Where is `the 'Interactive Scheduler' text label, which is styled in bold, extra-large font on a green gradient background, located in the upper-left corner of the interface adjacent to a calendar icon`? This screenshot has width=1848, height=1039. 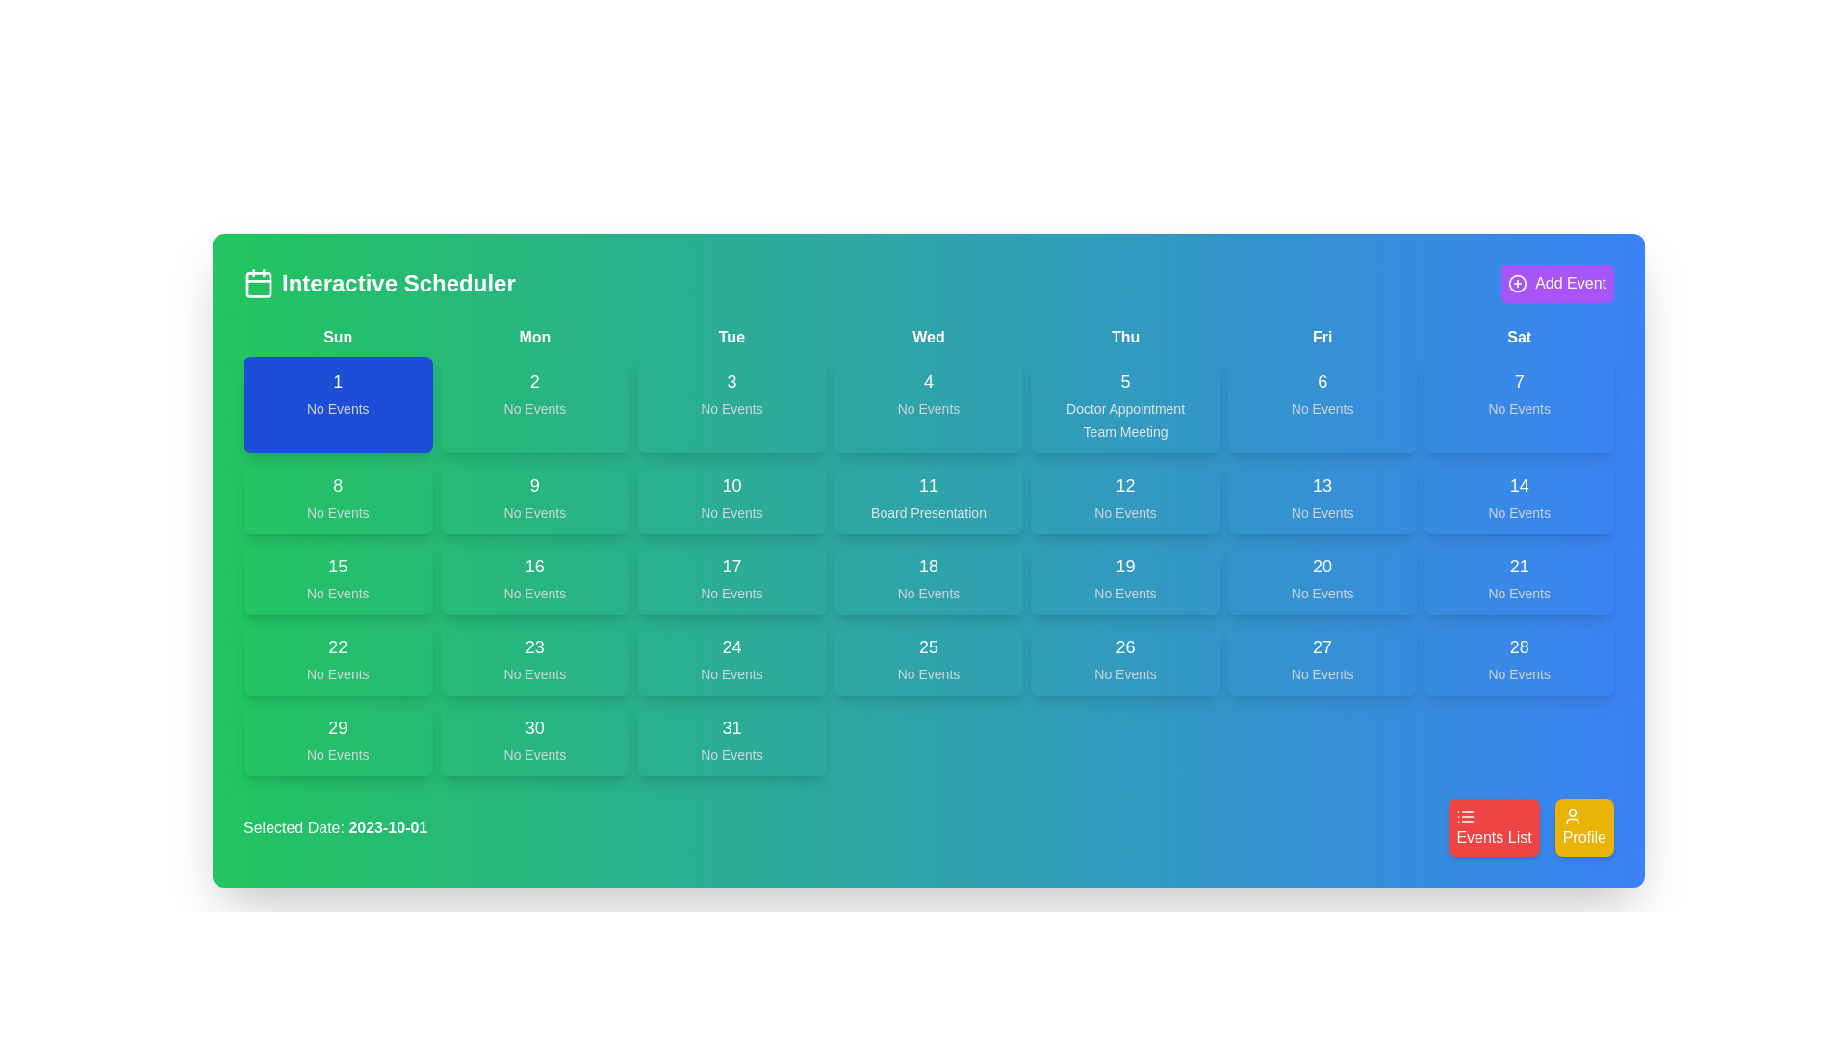 the 'Interactive Scheduler' text label, which is styled in bold, extra-large font on a green gradient background, located in the upper-left corner of the interface adjacent to a calendar icon is located at coordinates (398, 283).